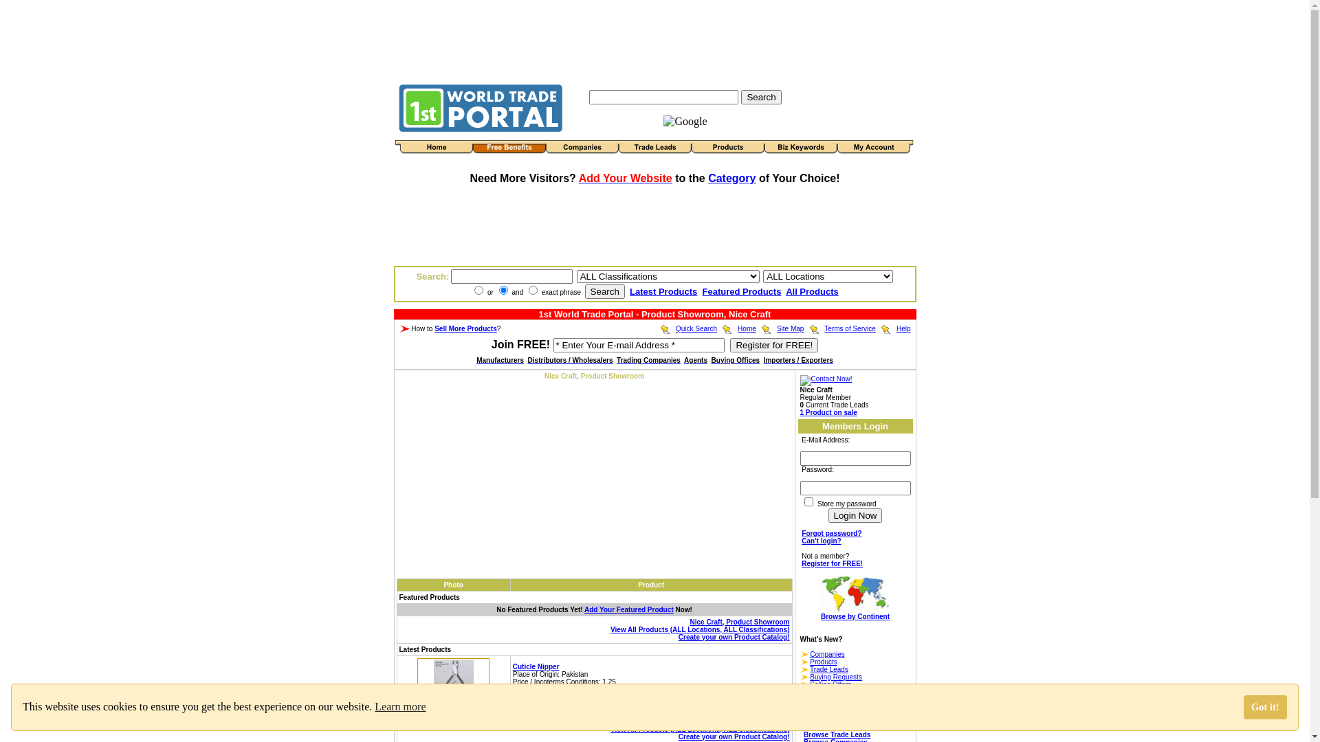  What do you see at coordinates (836, 734) in the screenshot?
I see `'Browse Trade Leads'` at bounding box center [836, 734].